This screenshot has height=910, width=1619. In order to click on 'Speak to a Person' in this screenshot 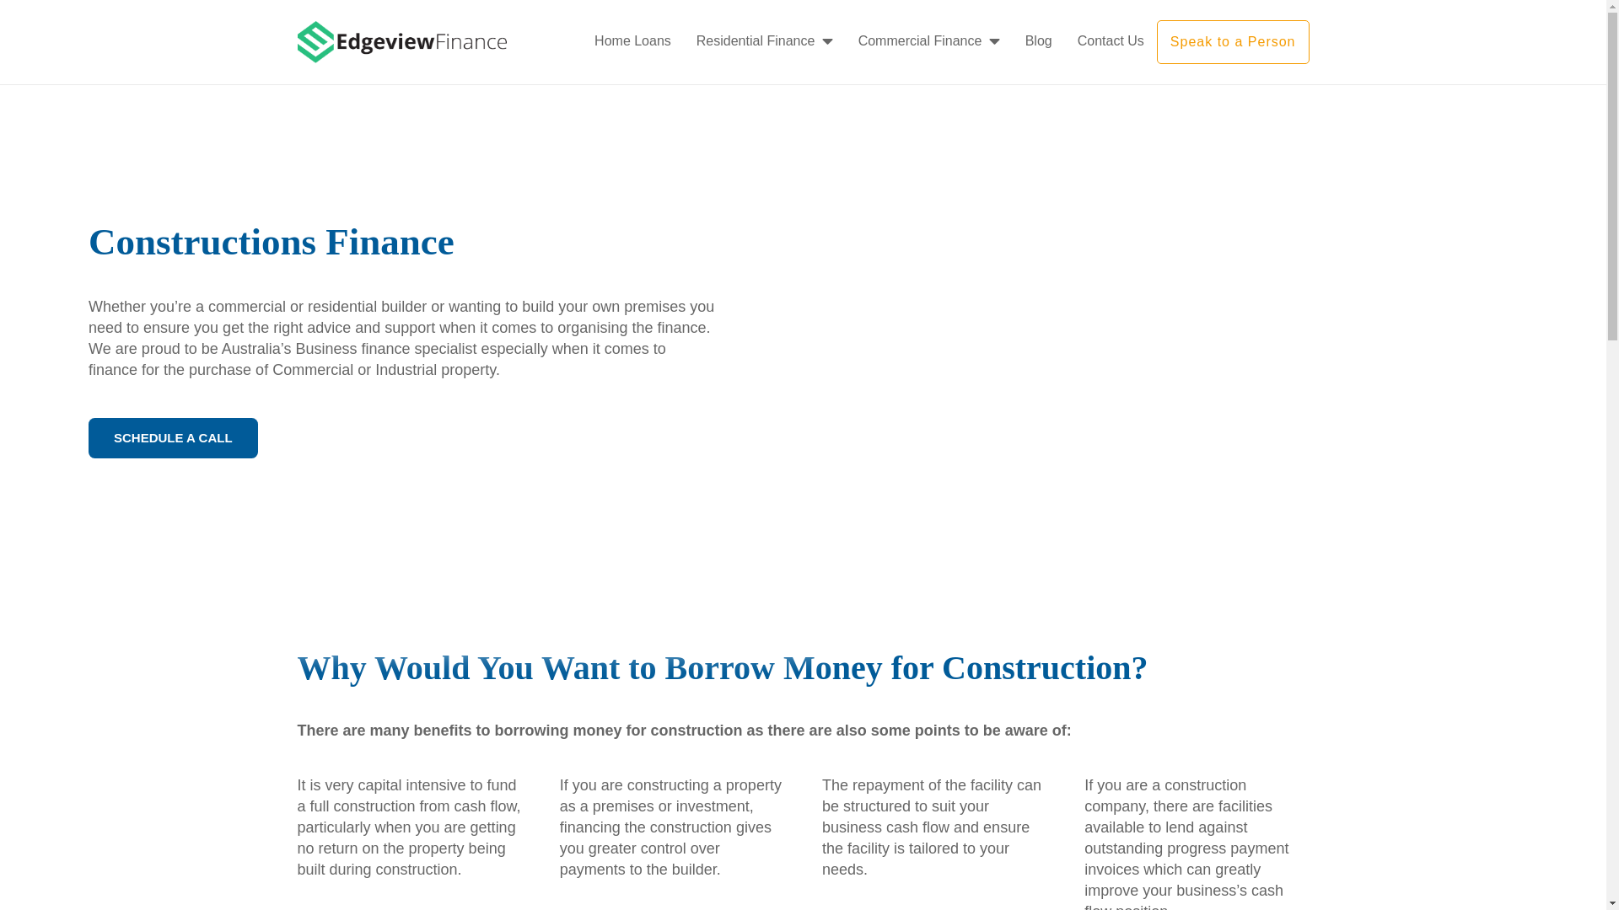, I will do `click(1233, 41)`.